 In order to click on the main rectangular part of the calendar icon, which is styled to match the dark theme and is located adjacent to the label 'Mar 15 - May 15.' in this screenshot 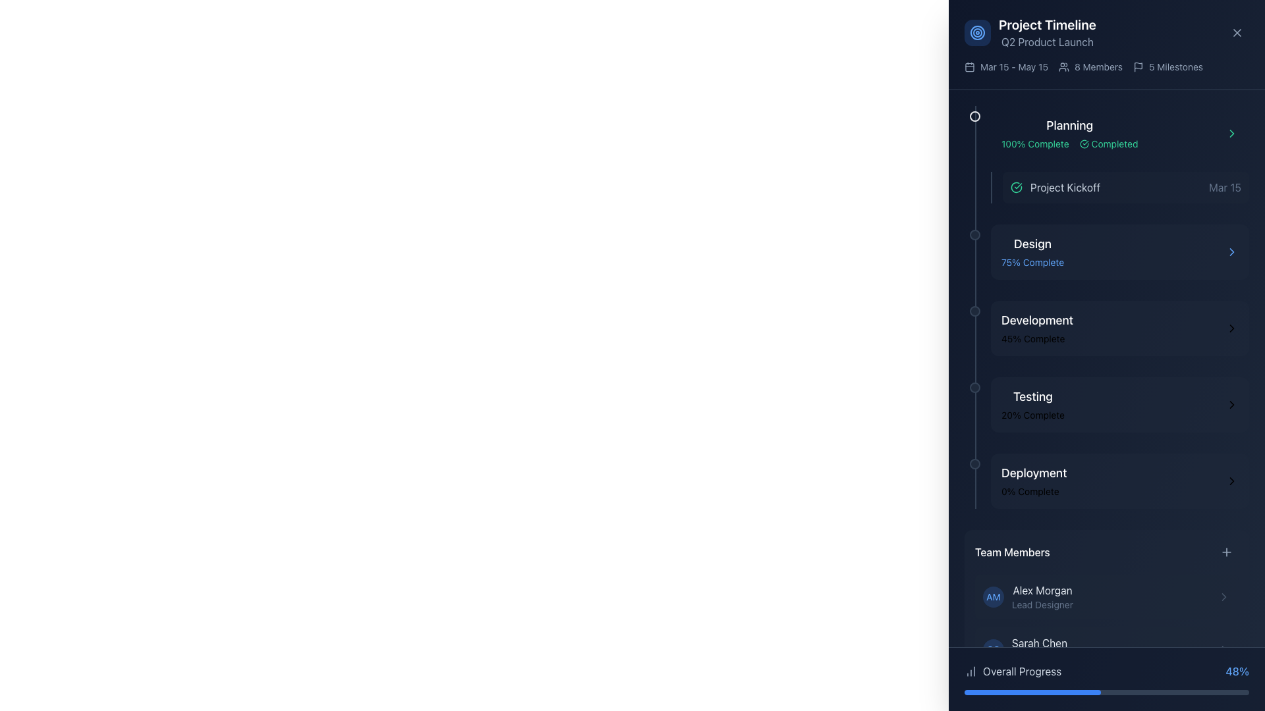, I will do `click(970, 66)`.